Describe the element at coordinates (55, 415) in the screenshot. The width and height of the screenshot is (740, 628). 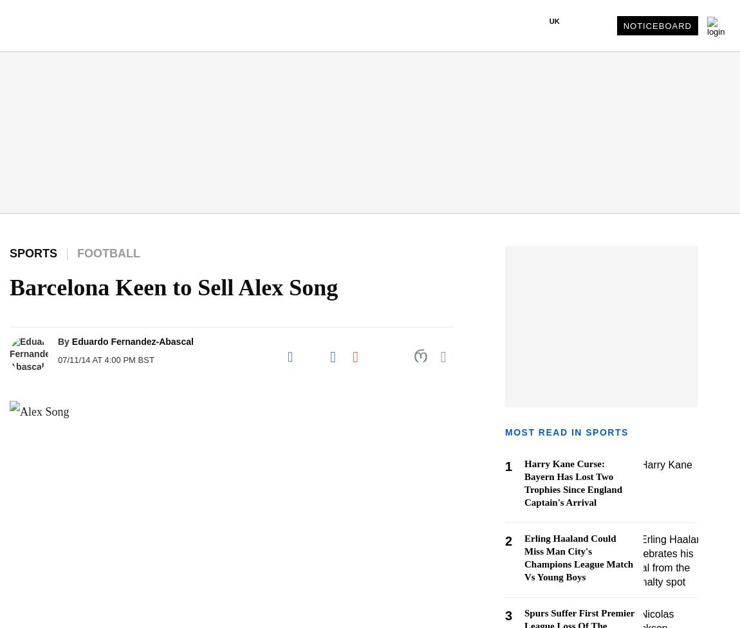
I see `'- Finance & Banking'` at that location.